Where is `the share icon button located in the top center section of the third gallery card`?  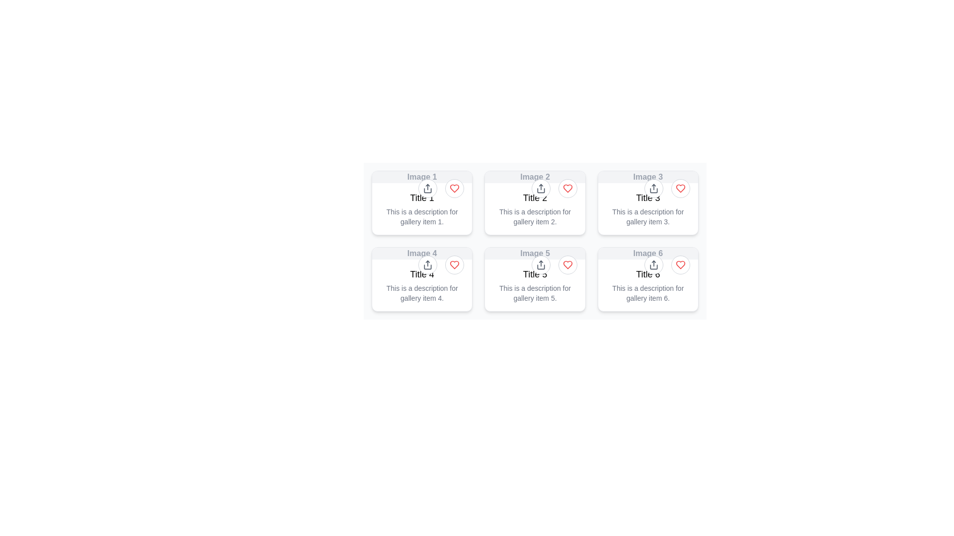
the share icon button located in the top center section of the third gallery card is located at coordinates (653, 189).